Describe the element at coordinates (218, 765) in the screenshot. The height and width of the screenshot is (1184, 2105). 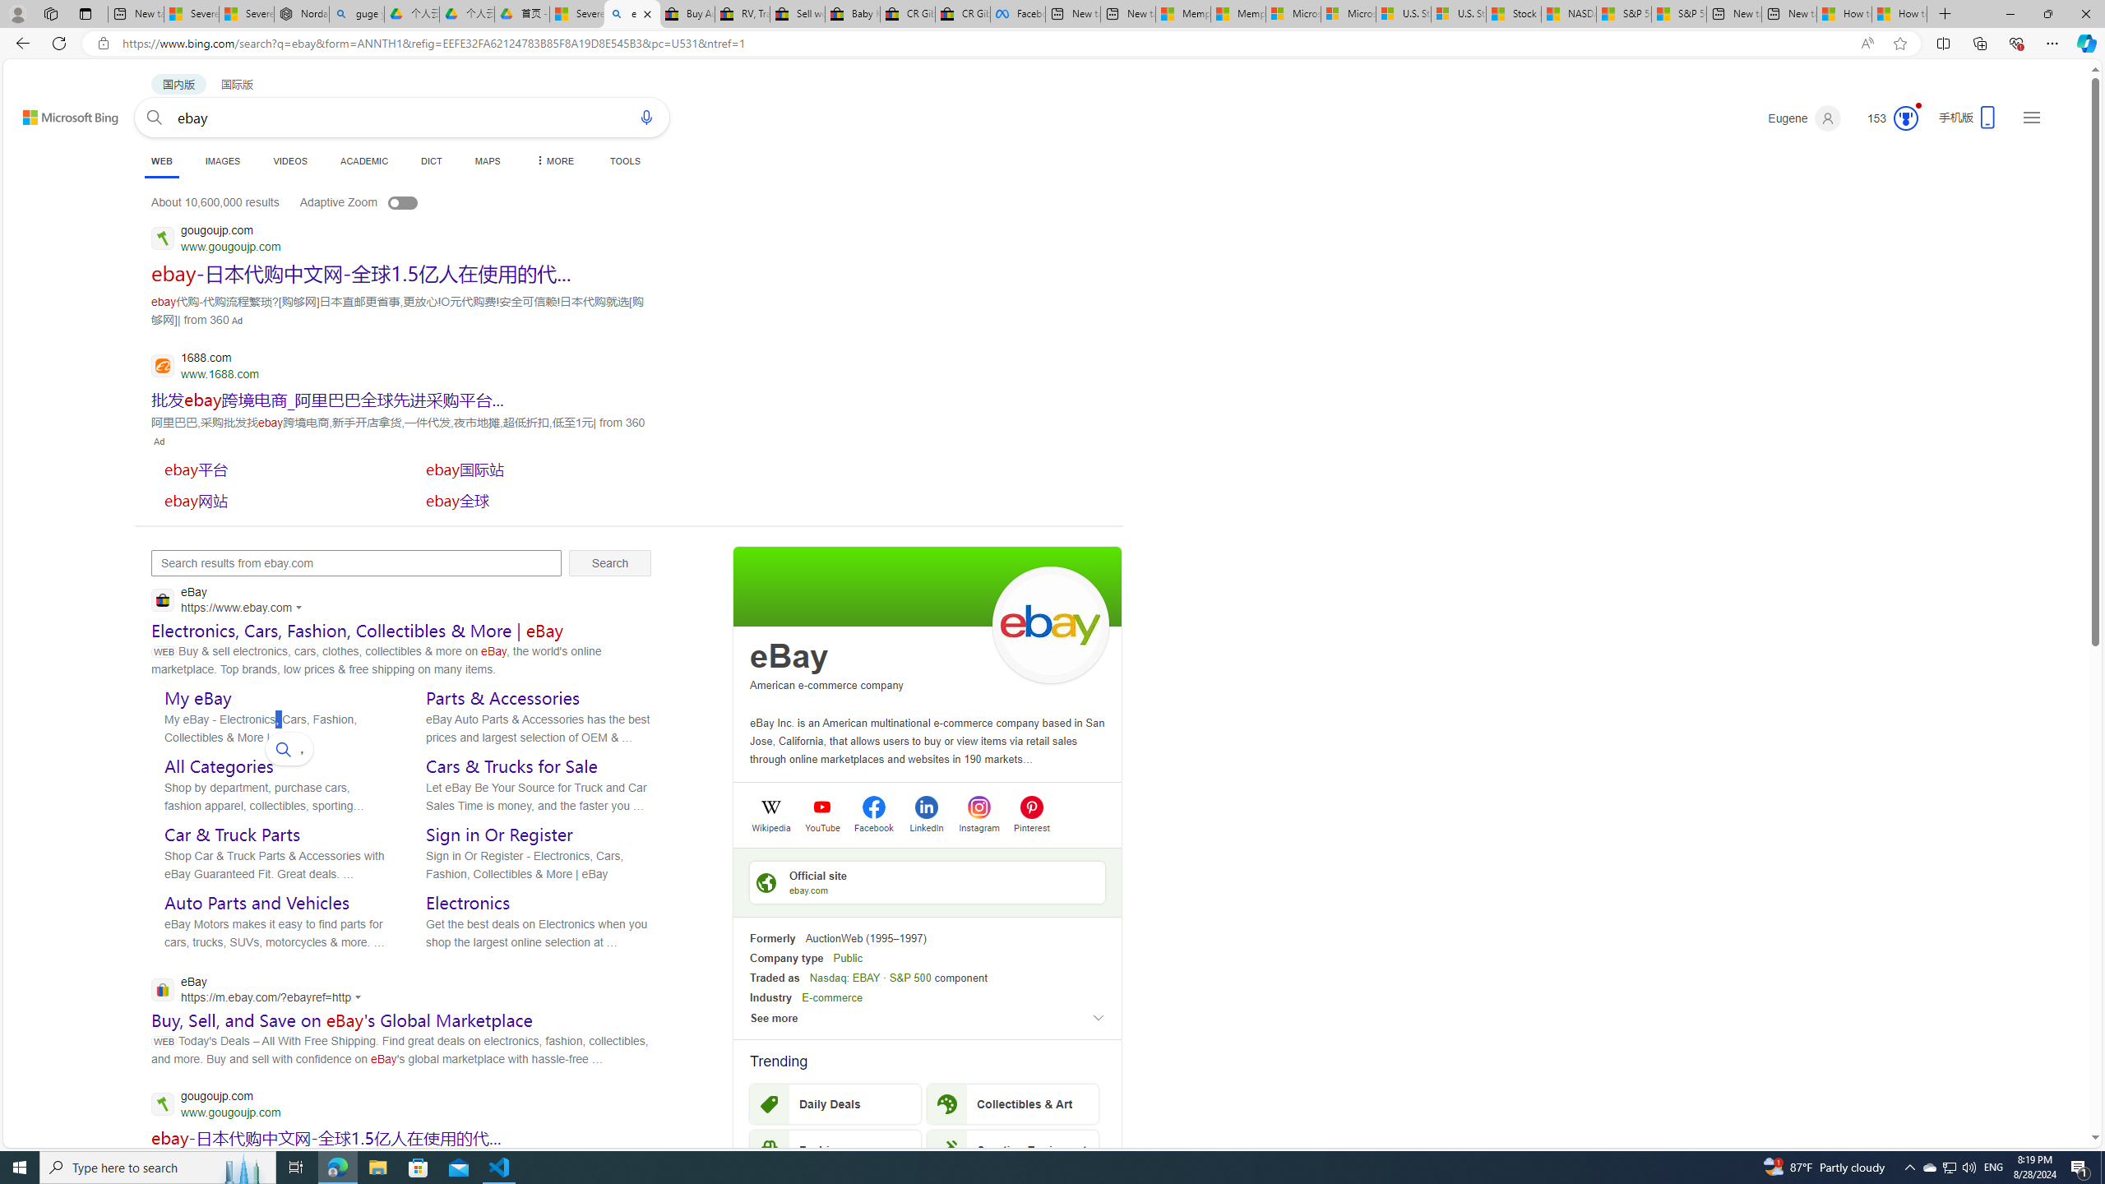
I see `'All Categories'` at that location.